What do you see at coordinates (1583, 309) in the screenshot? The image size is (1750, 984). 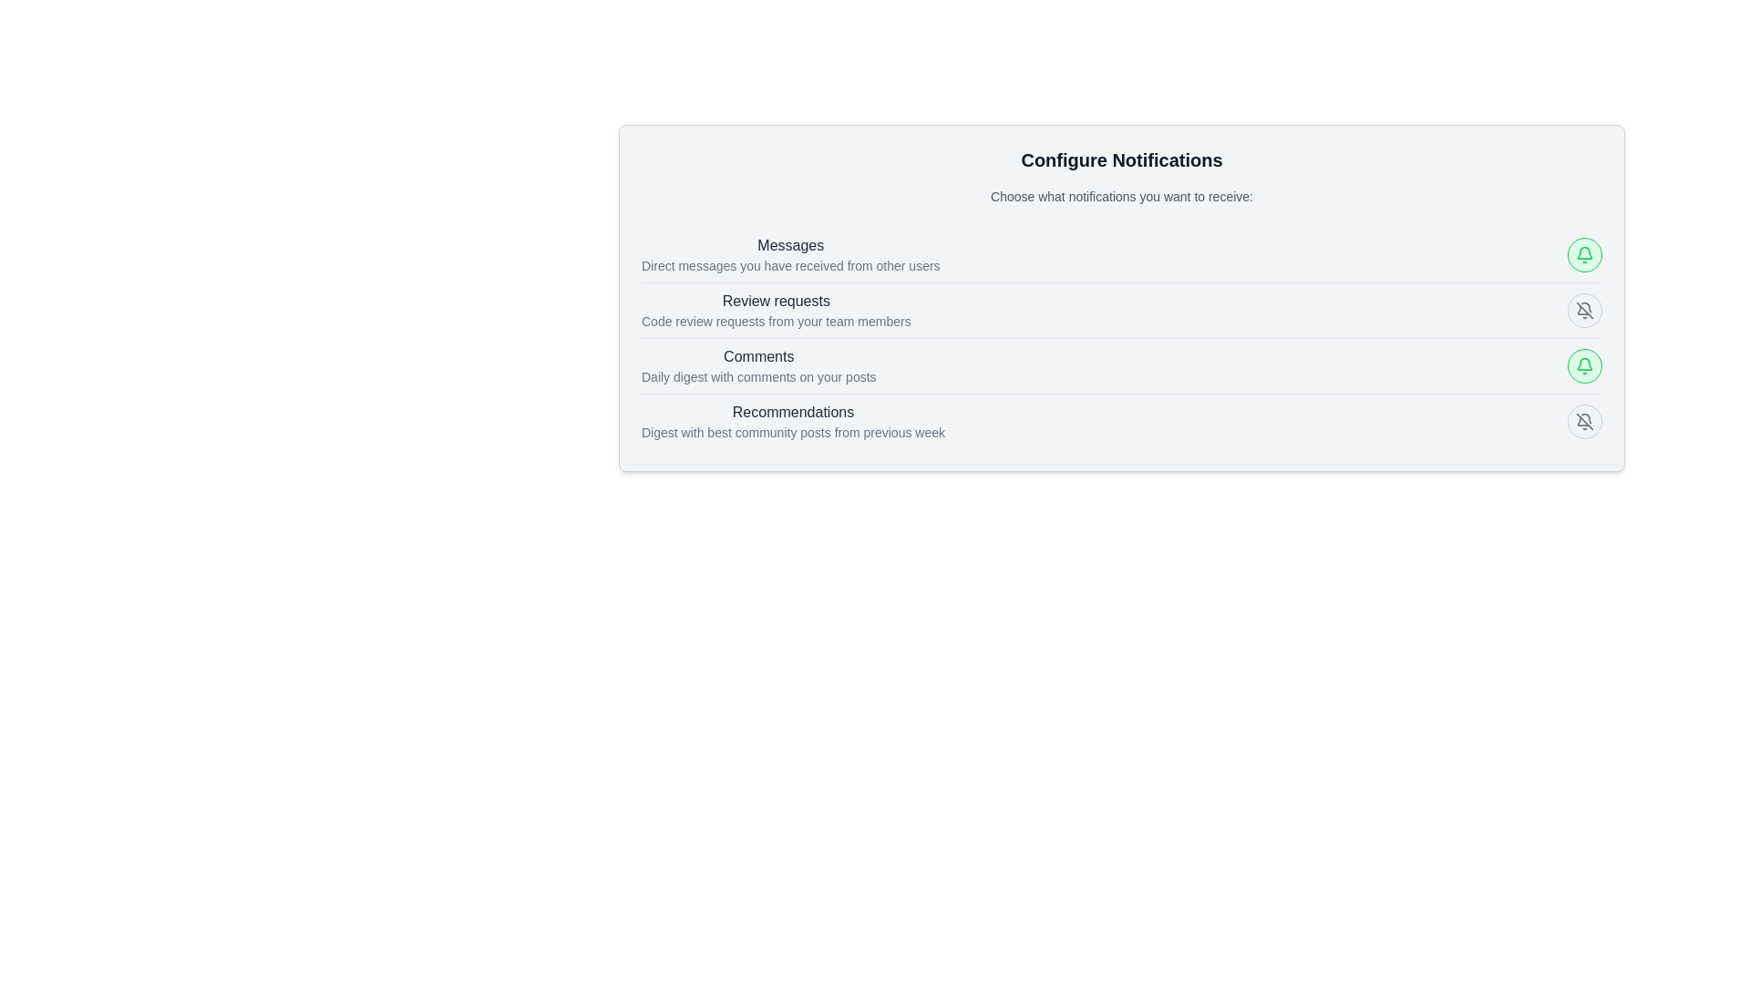 I see `the disabled notification status icon located in the top-right corner of the 'Recommendations' section in the notification settings panel` at bounding box center [1583, 309].